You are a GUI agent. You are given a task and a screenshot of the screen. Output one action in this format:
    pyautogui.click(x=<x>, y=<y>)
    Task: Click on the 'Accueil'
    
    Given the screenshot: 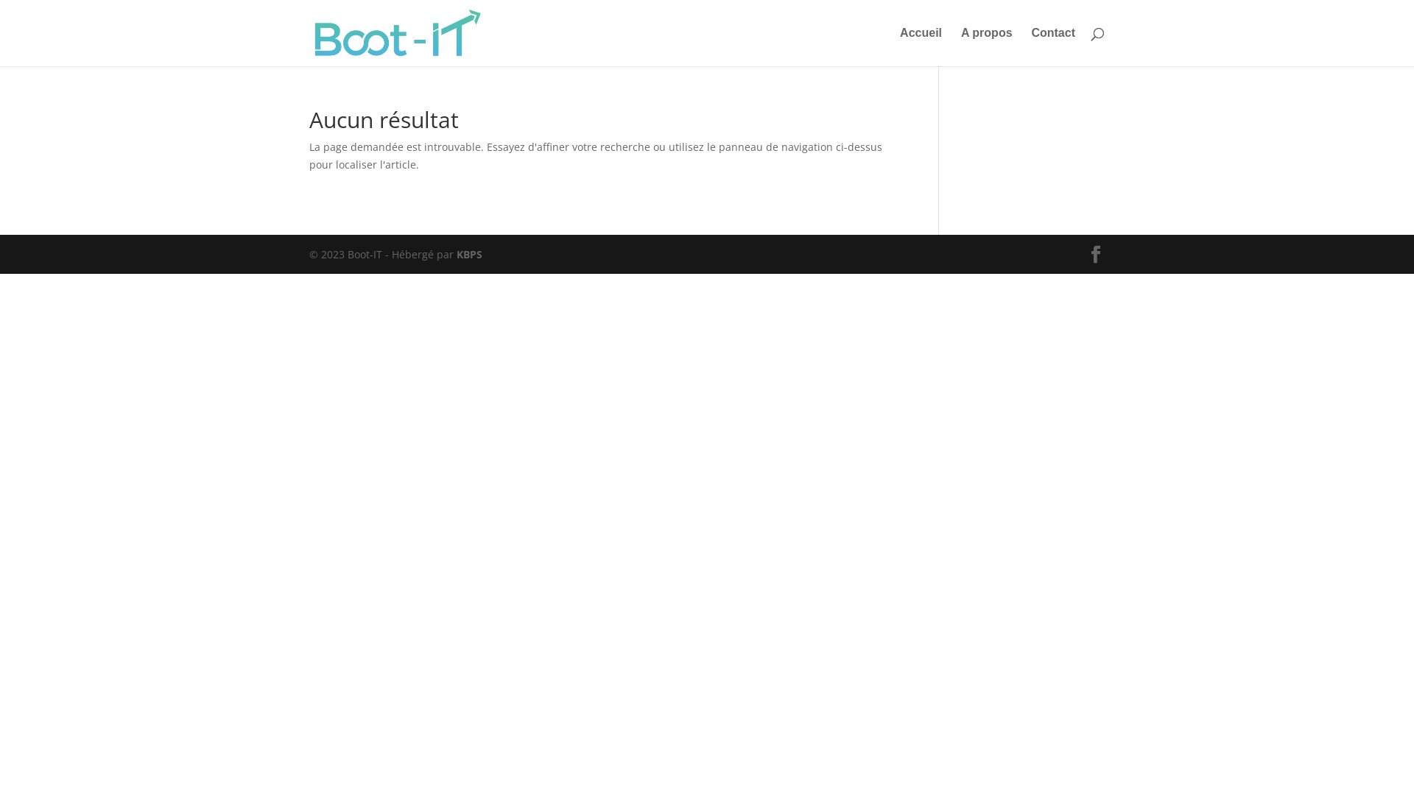 What is the action you would take?
    pyautogui.click(x=920, y=46)
    